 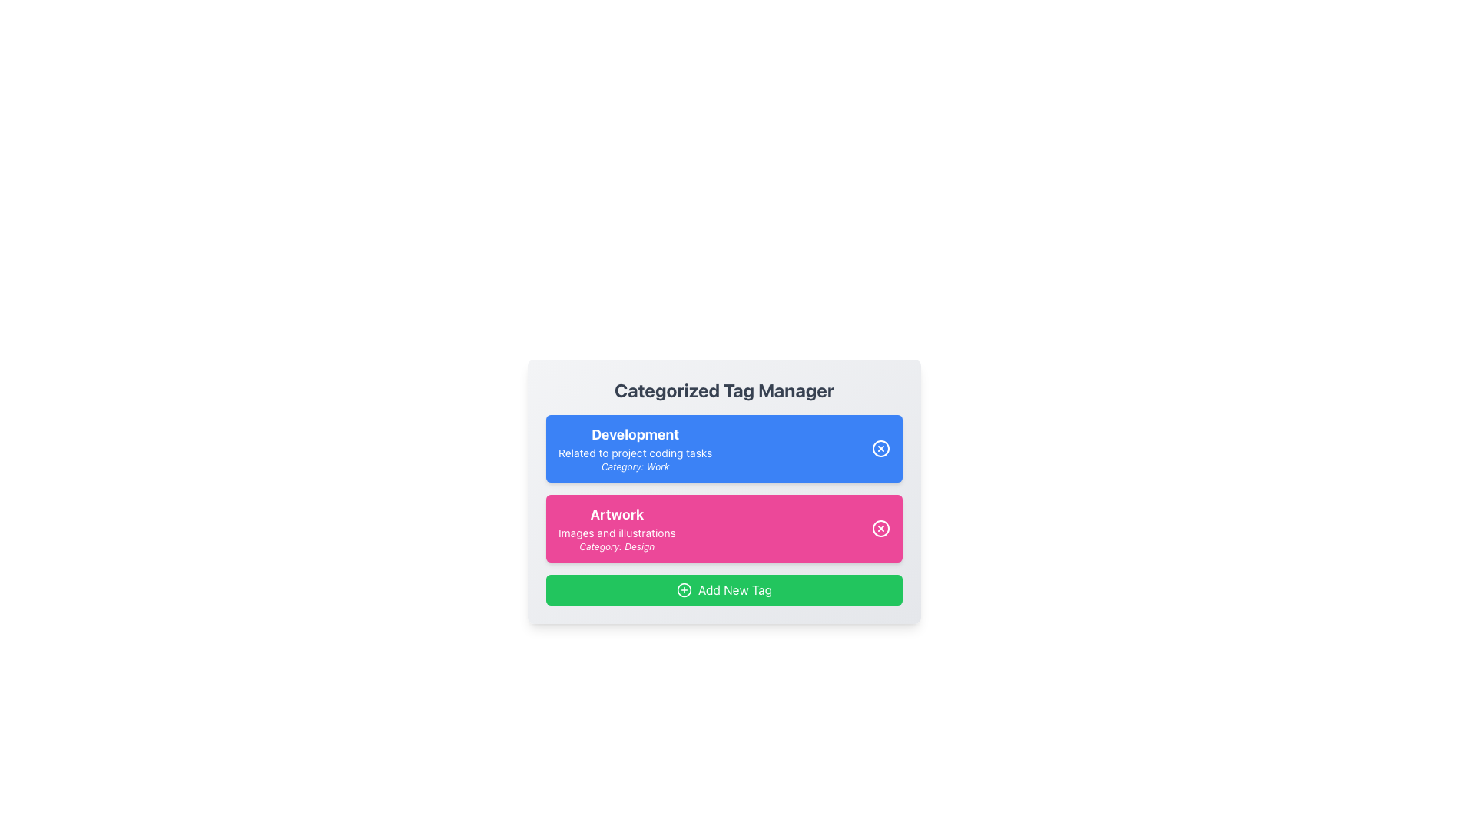 I want to click on the circular shape with a visible border located at the top-right of the 'Development' section within the interface, which is part of an icon illustrating an action related to this section, so click(x=881, y=448).